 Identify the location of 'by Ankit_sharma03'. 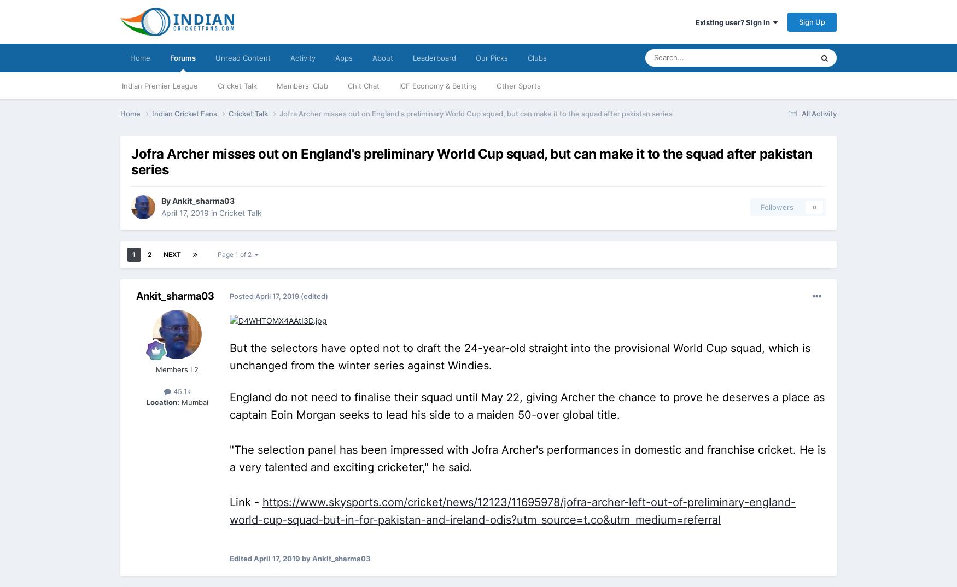
(299, 559).